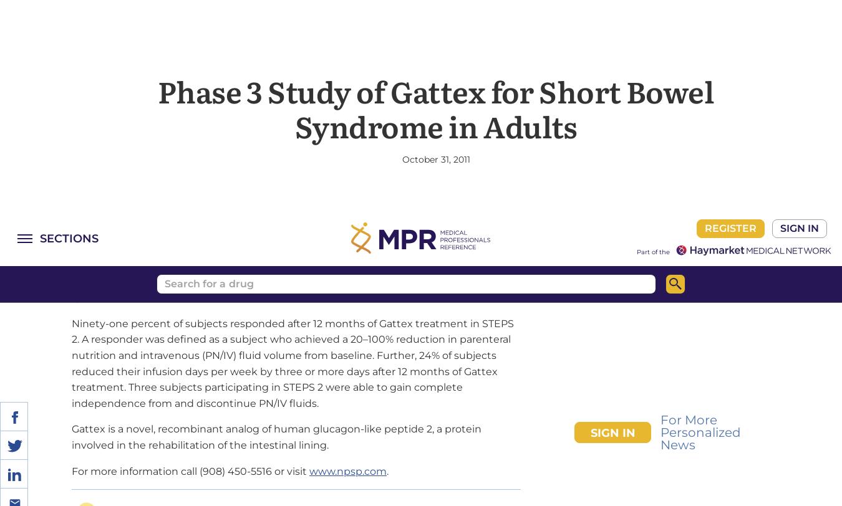 This screenshot has height=506, width=842. I want to click on 'Gattex is a novel, recombinant analog of human glucagon-like peptide 2, a protein involved in the rehabilitation of the intestinal lining.', so click(276, 267).